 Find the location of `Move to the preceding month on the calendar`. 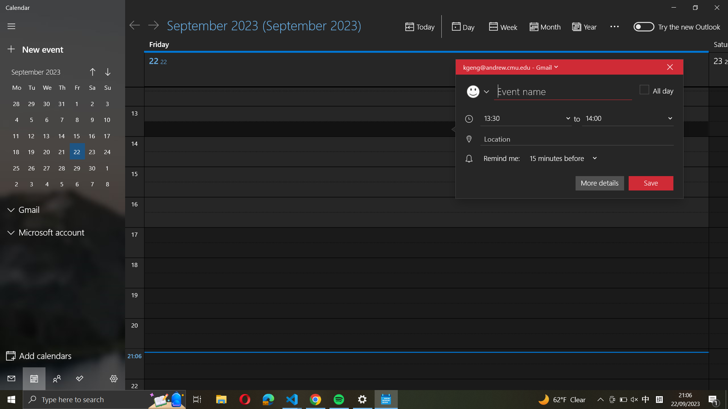

Move to the preceding month on the calendar is located at coordinates (92, 73).